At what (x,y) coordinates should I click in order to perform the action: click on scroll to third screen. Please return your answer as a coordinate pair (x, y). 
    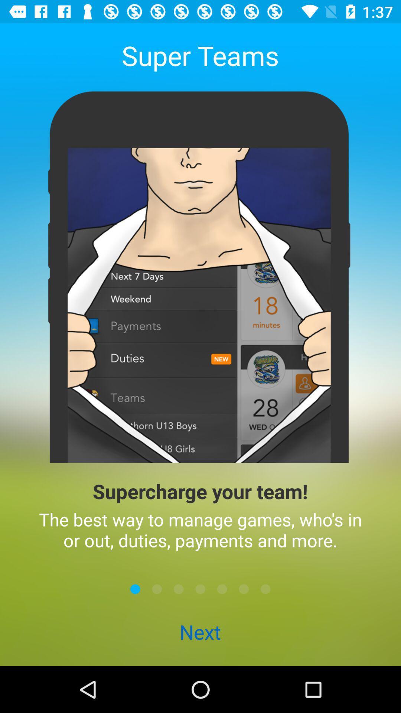
    Looking at the image, I should click on (179, 589).